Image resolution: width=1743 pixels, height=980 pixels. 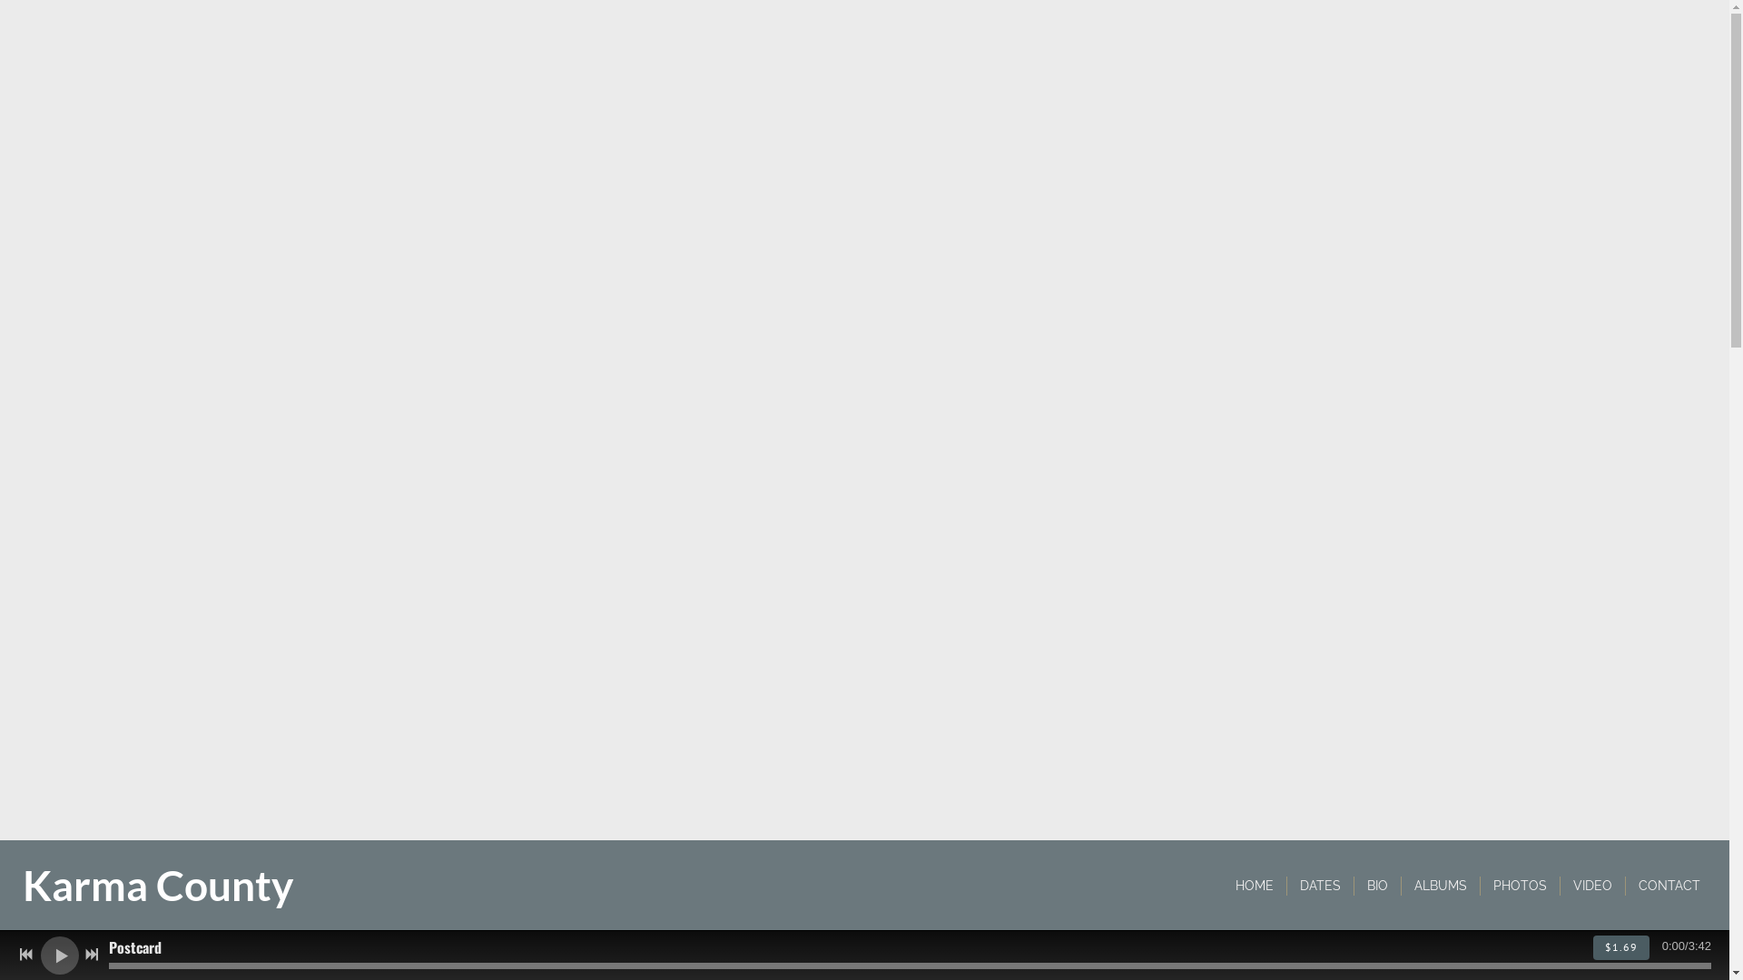 I want to click on 'HOME', so click(x=1254, y=885).